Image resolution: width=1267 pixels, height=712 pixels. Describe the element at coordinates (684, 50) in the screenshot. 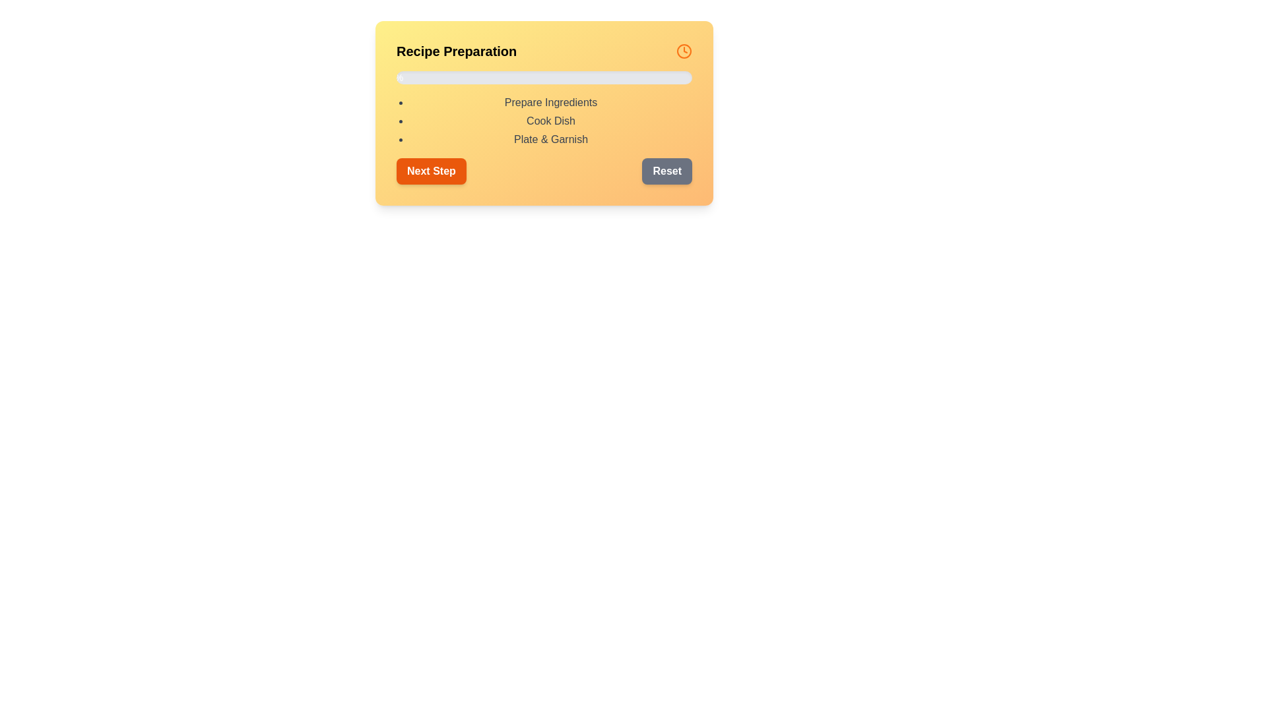

I see `the orange clock icon located at the top-right corner of the 'Recipe Preparation' section, positioned beside the section heading` at that location.